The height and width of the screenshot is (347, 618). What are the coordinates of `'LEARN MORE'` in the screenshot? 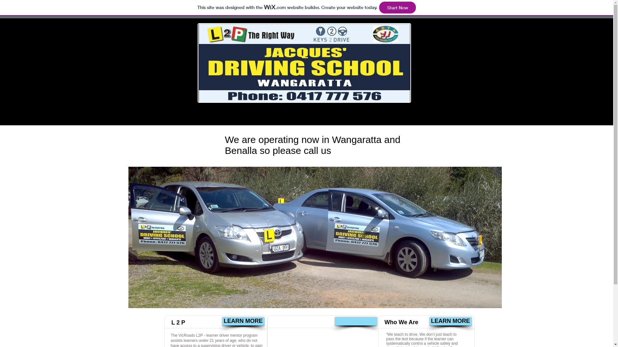 It's located at (242, 321).